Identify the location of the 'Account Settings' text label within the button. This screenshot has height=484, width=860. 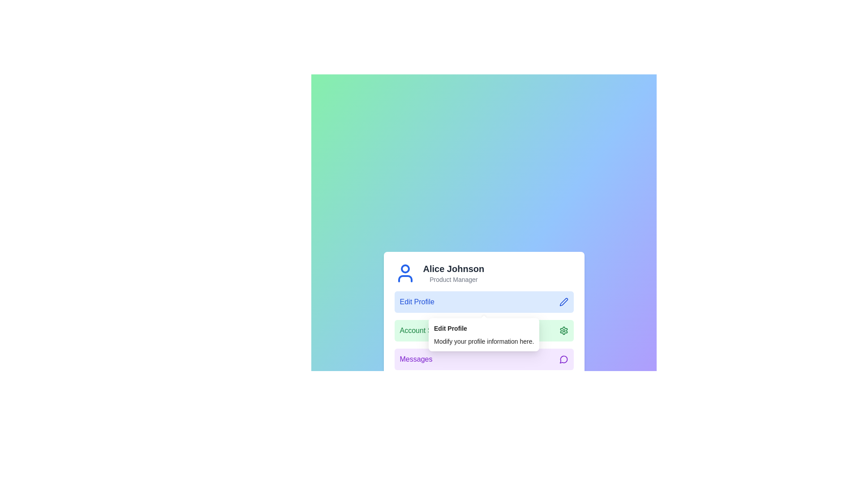
(426, 330).